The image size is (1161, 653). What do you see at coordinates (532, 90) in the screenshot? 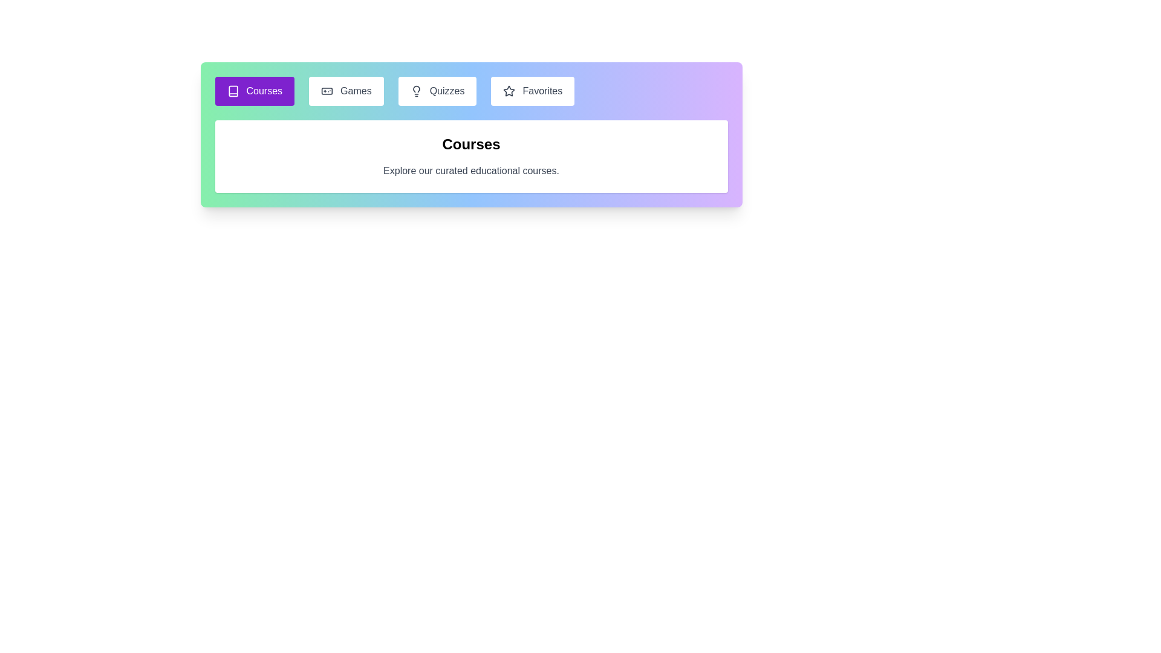
I see `the tab labeled Favorites` at bounding box center [532, 90].